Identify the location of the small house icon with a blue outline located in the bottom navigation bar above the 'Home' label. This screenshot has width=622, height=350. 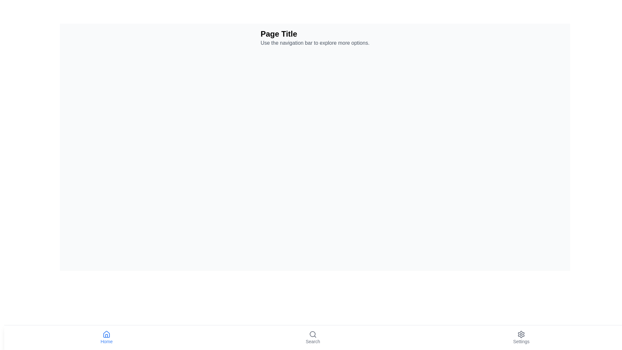
(107, 334).